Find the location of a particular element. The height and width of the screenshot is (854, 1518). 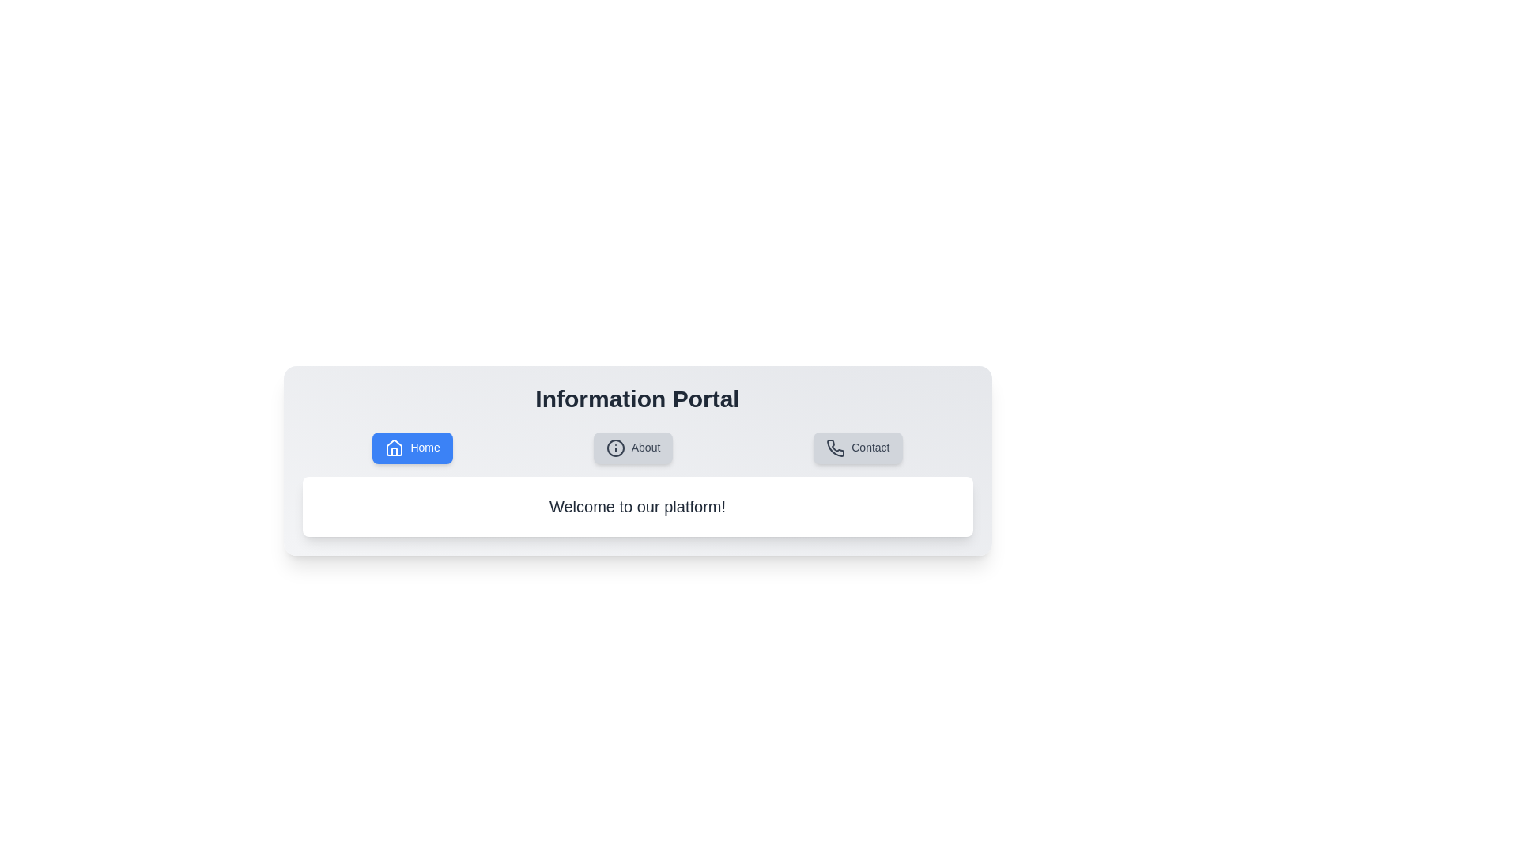

the 'About' button, which is a rectangular button with a rounded border and a gray background is located at coordinates (633, 448).